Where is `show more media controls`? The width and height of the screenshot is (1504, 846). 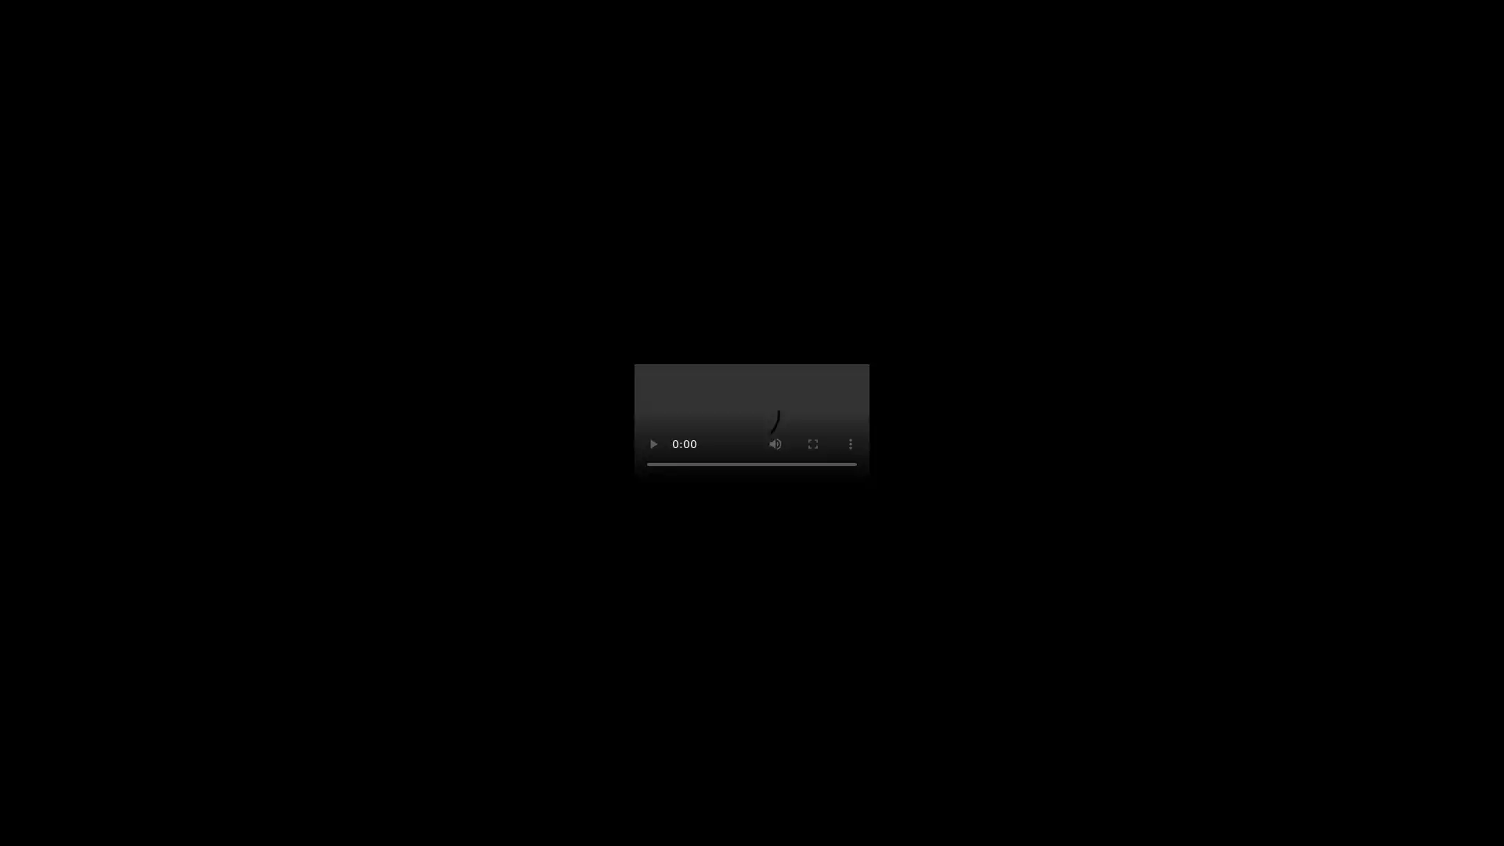
show more media controls is located at coordinates (849, 444).